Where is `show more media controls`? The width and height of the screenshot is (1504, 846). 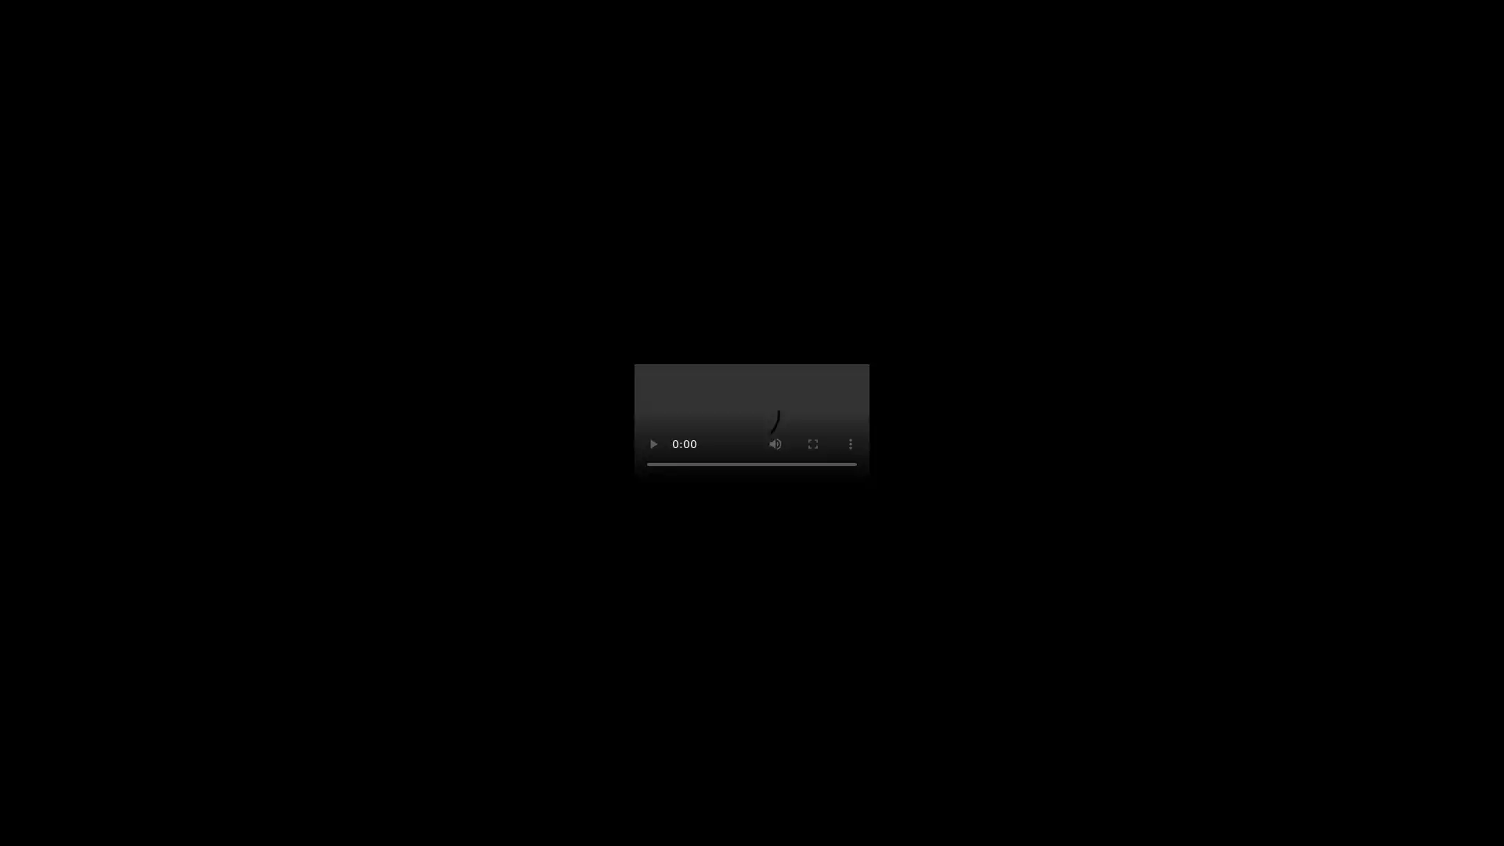
show more media controls is located at coordinates (849, 444).